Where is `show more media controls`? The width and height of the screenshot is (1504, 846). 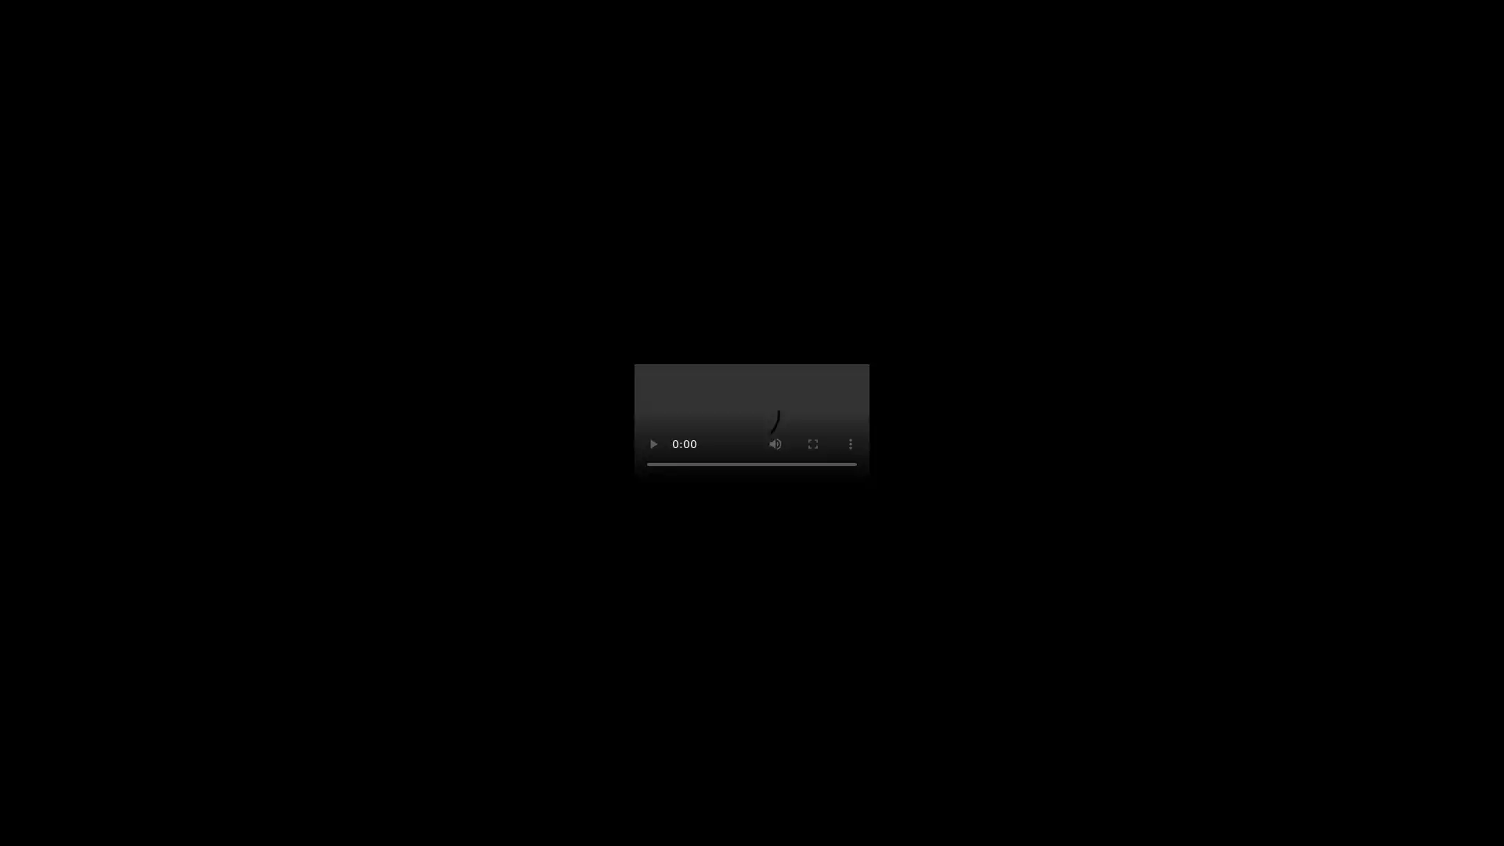
show more media controls is located at coordinates (849, 444).